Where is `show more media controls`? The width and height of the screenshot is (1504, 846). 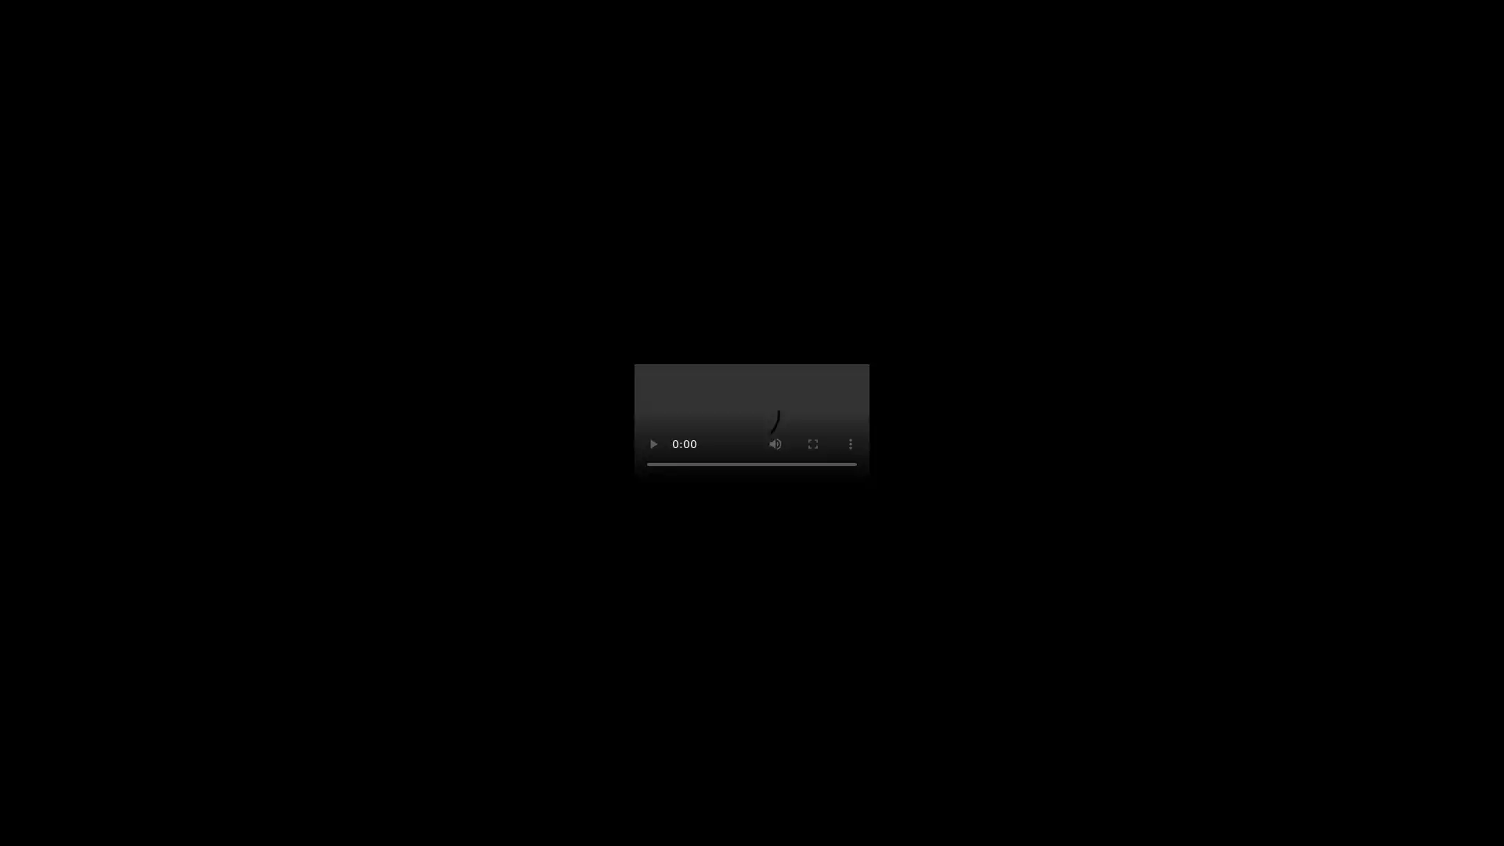
show more media controls is located at coordinates (849, 444).